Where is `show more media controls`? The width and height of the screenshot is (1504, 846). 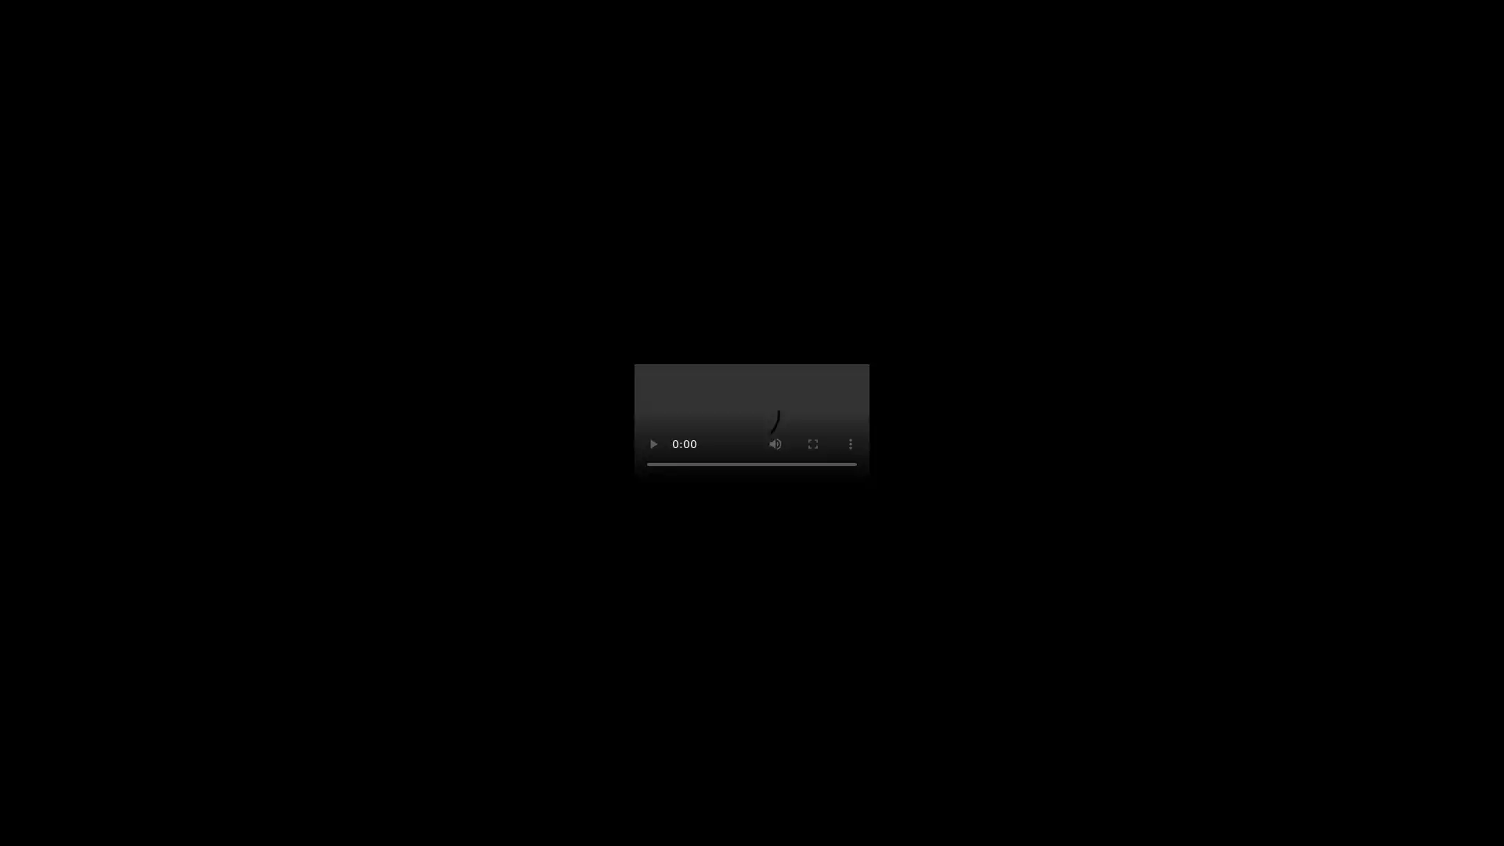
show more media controls is located at coordinates (849, 444).